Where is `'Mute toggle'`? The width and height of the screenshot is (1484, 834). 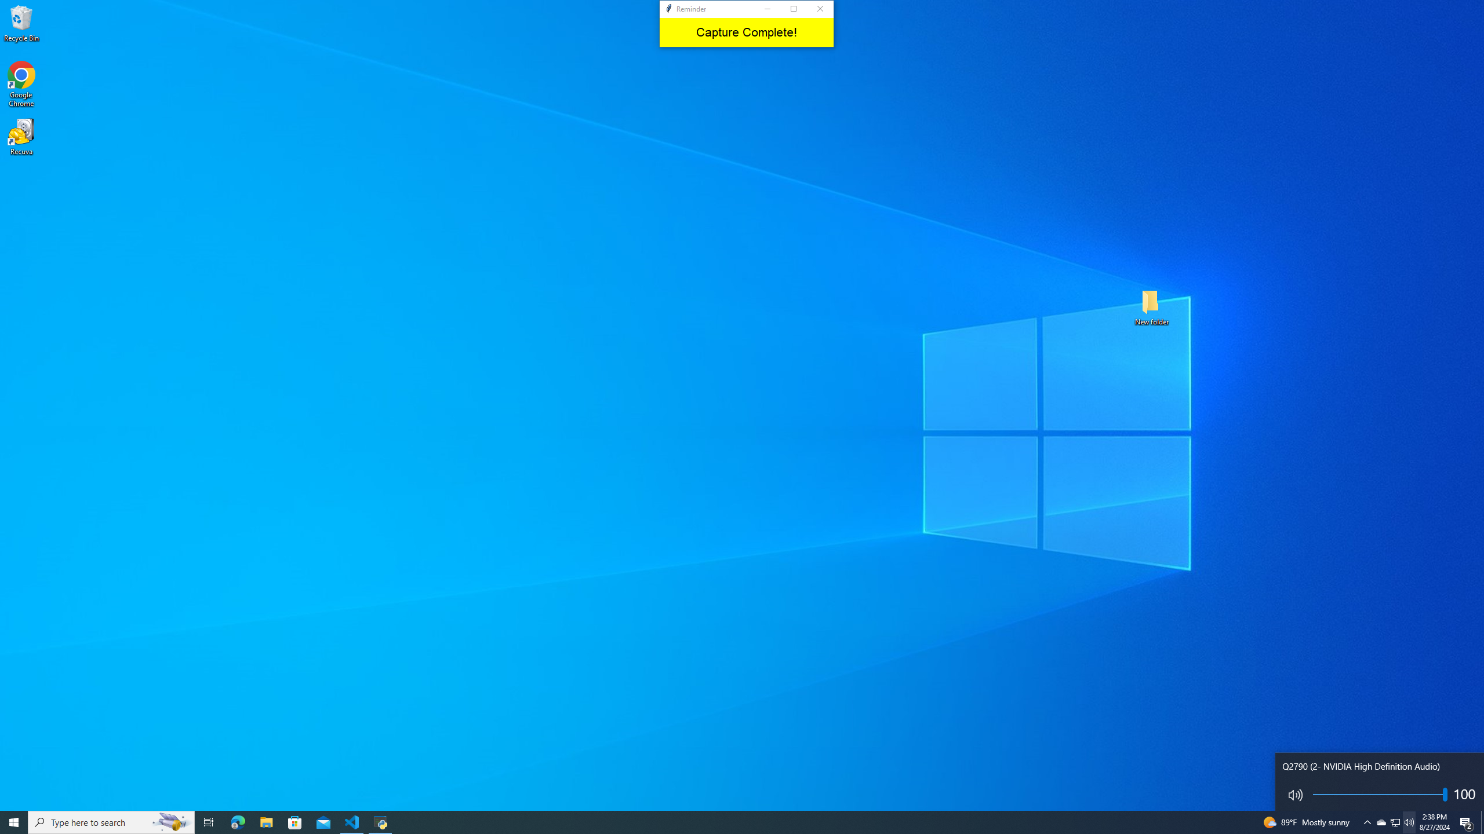 'Mute toggle' is located at coordinates (1293, 794).